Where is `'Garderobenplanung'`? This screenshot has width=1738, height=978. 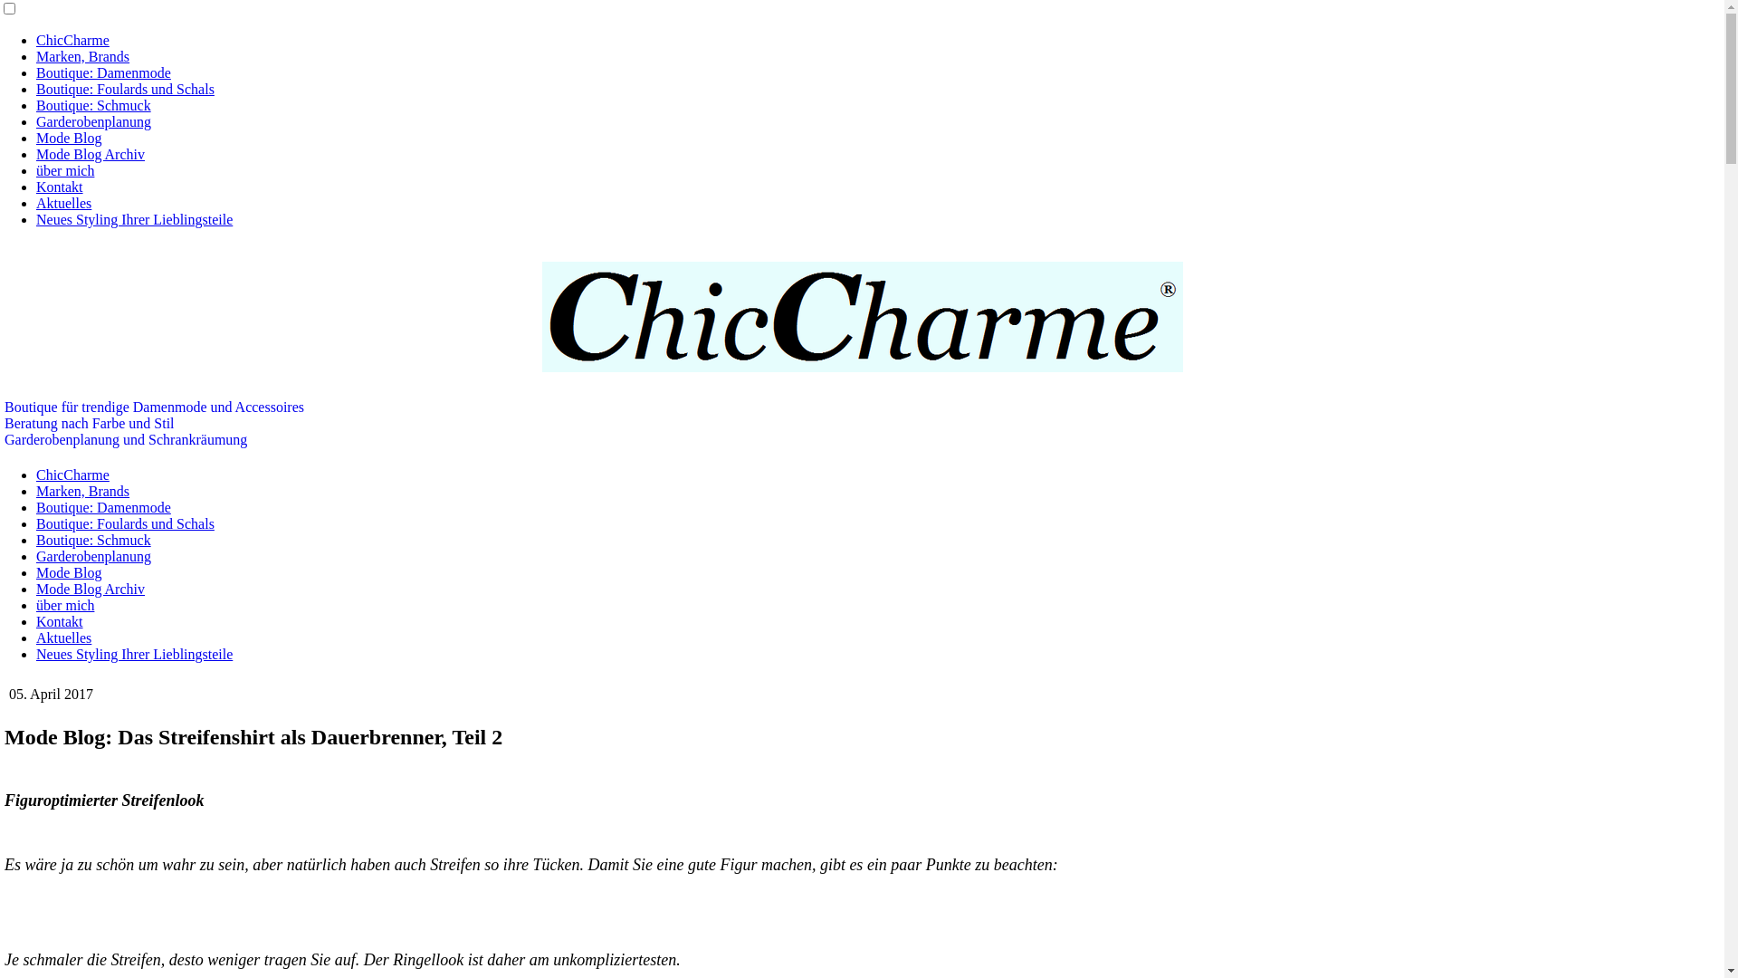 'Garderobenplanung' is located at coordinates (92, 121).